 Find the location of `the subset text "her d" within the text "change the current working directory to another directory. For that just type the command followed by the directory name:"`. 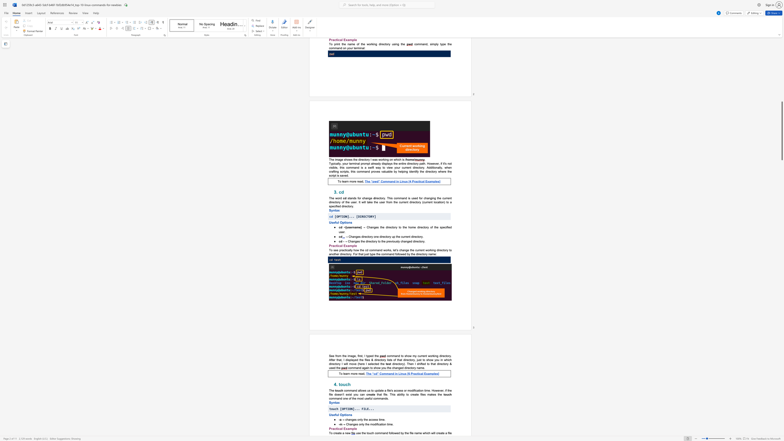

the subset text "her d" within the text "change the current working directory to another directory. For that just type the command followed by the directory name:" is located at coordinates (335, 254).